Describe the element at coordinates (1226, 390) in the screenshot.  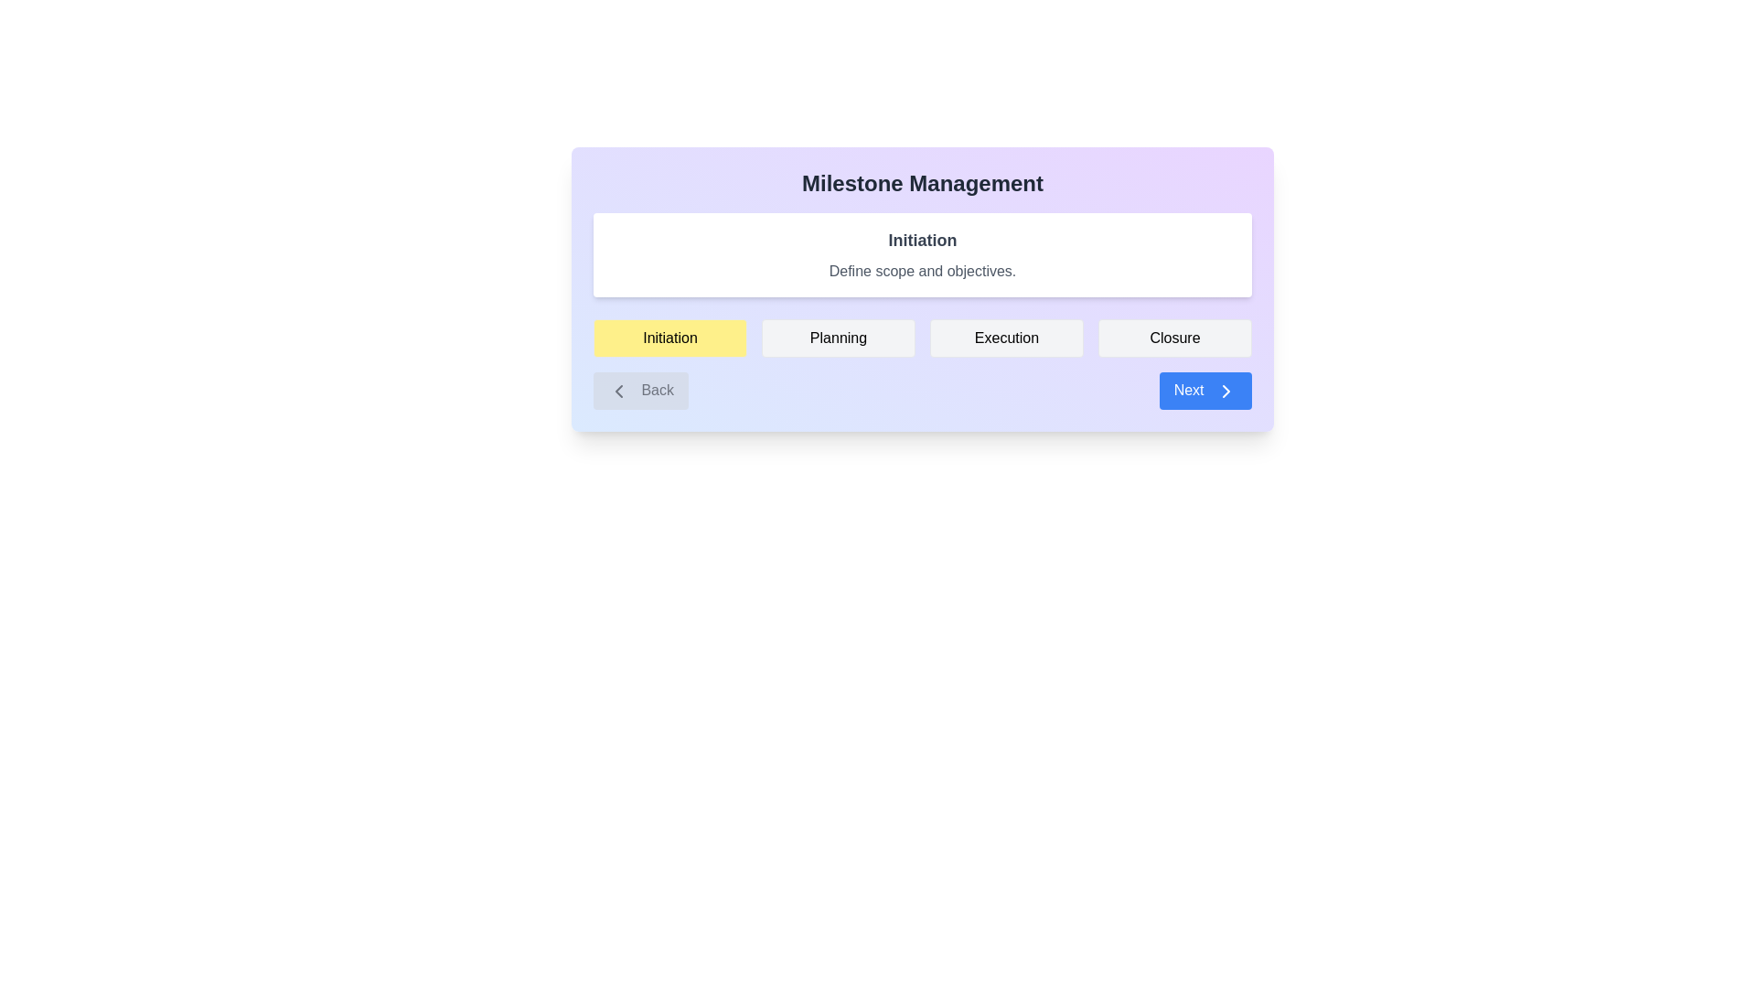
I see `the progression icon located within the 'Next' button in the bottom-right section of the interface to interact with it` at that location.